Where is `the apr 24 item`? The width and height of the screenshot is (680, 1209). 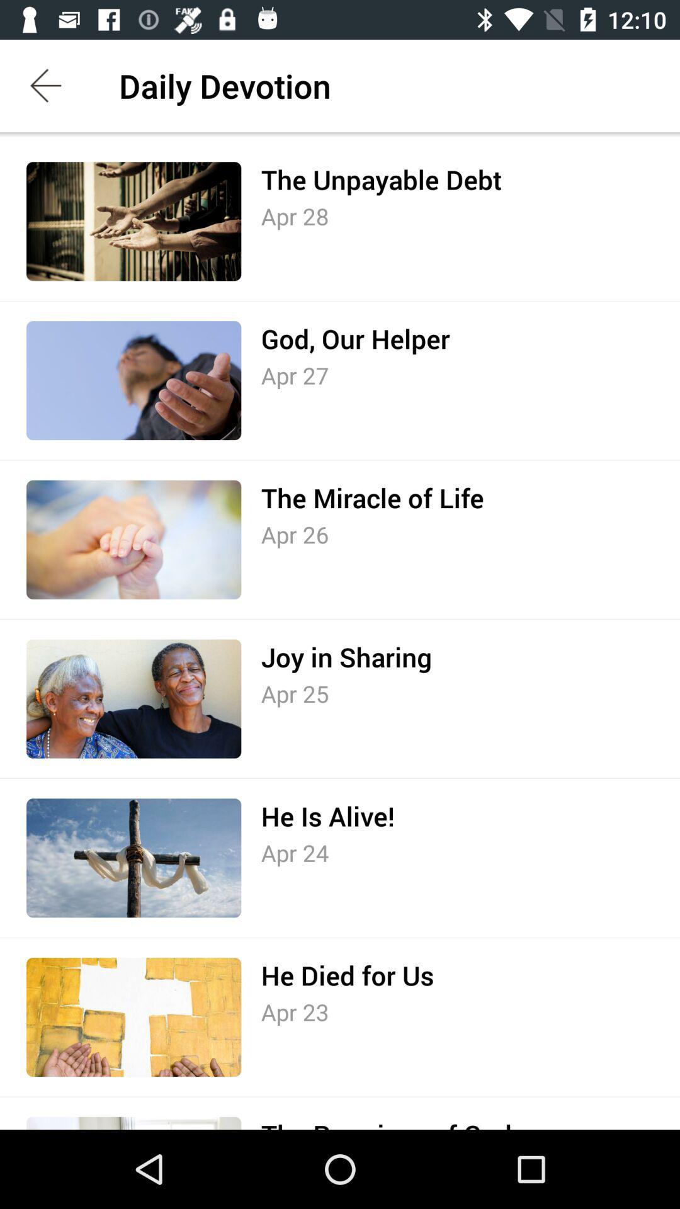
the apr 24 item is located at coordinates (295, 853).